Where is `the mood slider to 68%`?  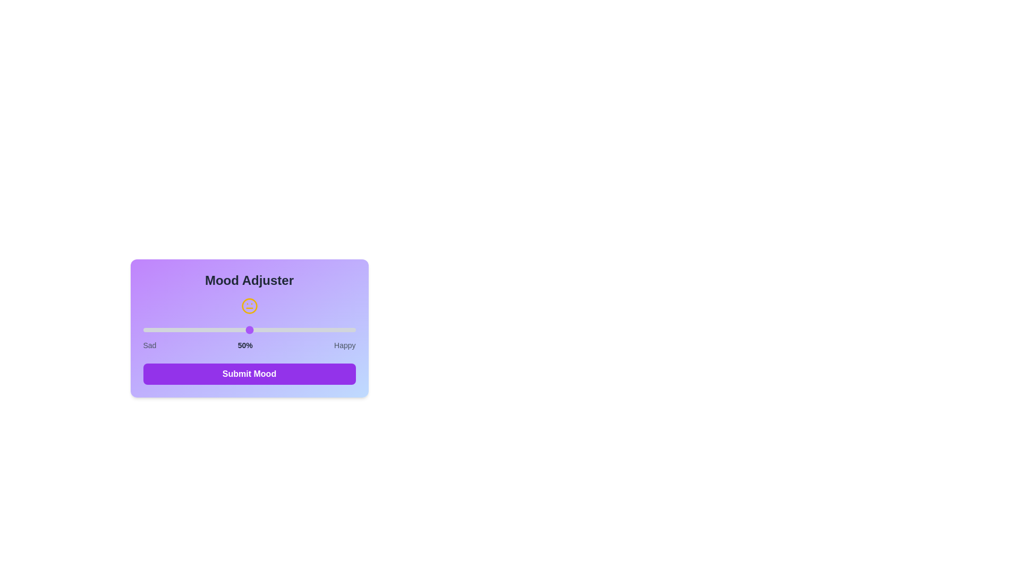 the mood slider to 68% is located at coordinates (287, 330).